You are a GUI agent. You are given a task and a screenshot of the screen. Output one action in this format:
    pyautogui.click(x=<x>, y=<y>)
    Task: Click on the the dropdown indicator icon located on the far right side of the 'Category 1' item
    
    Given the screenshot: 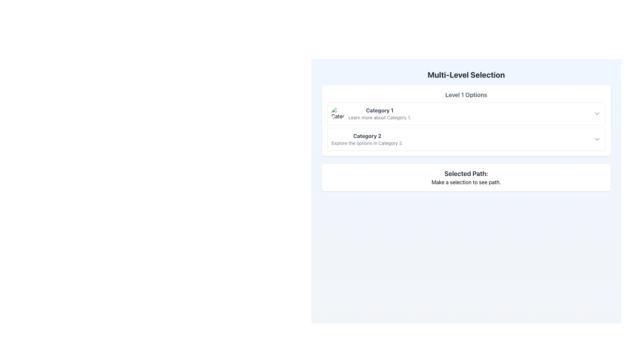 What is the action you would take?
    pyautogui.click(x=597, y=113)
    